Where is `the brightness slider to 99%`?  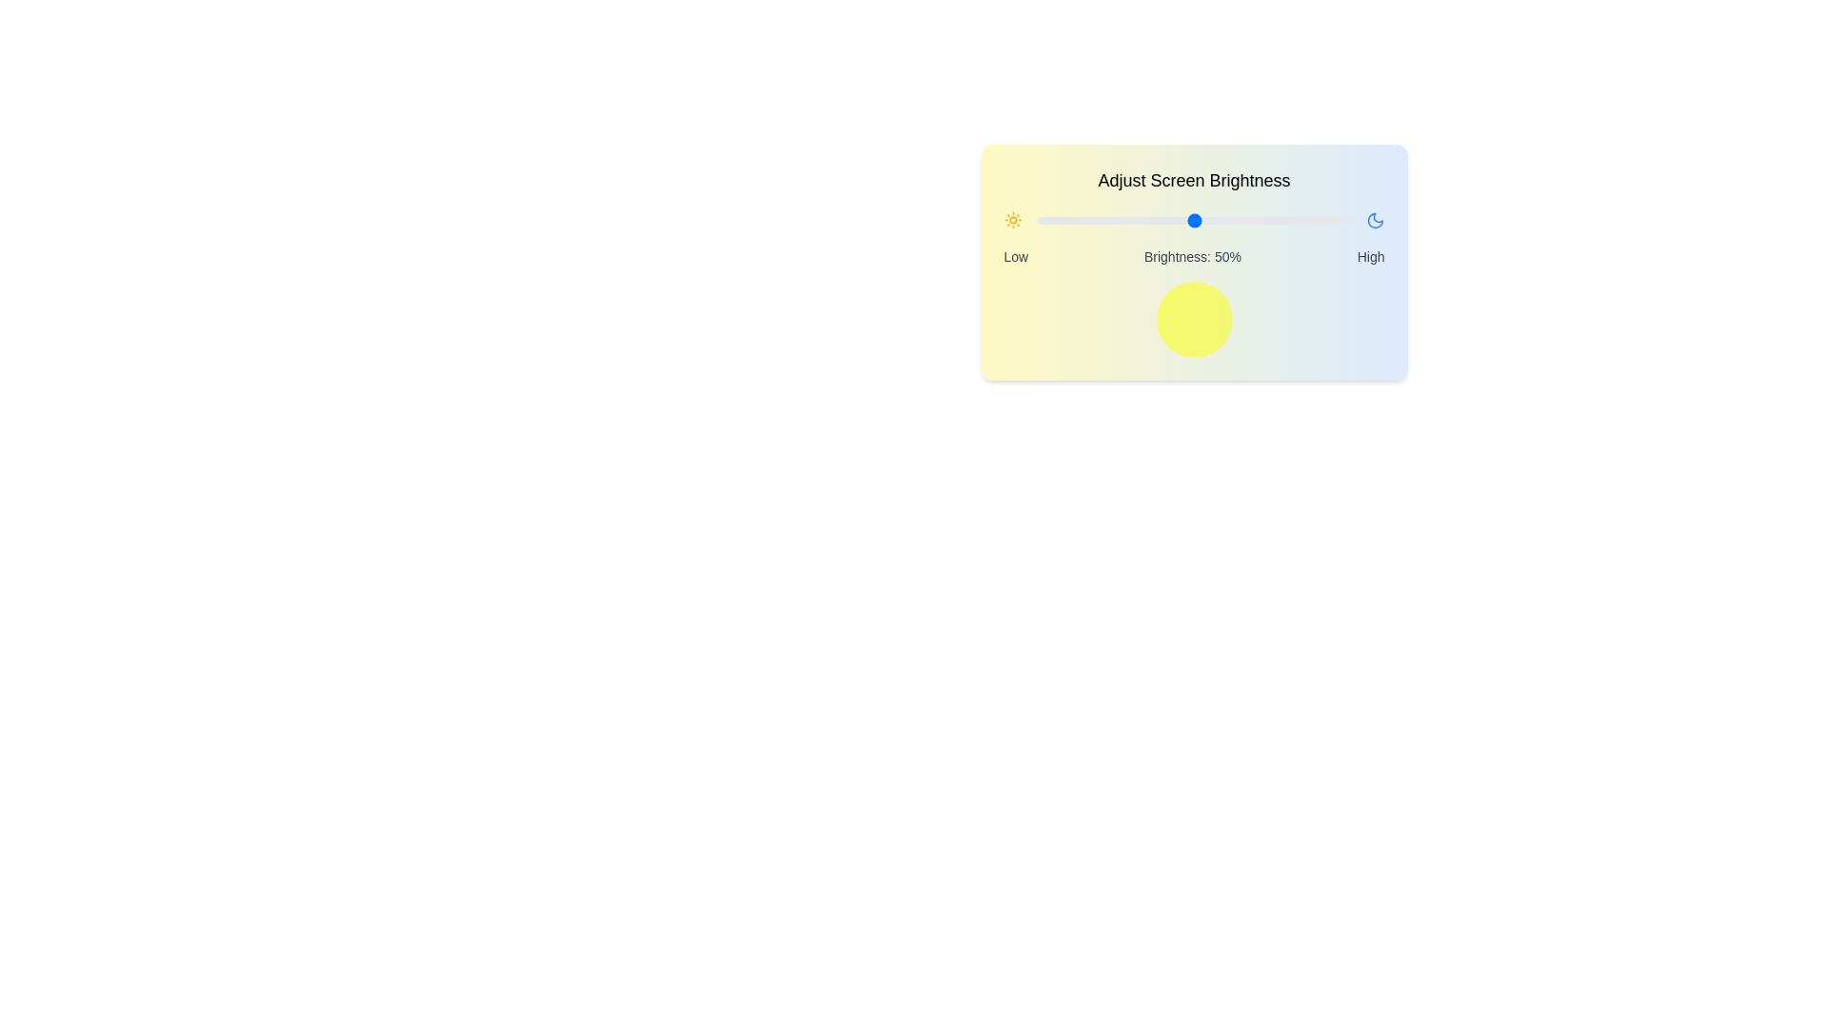
the brightness slider to 99% is located at coordinates (1346, 219).